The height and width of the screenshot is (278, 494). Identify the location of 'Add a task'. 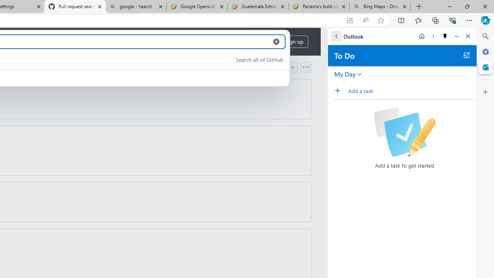
(340, 90).